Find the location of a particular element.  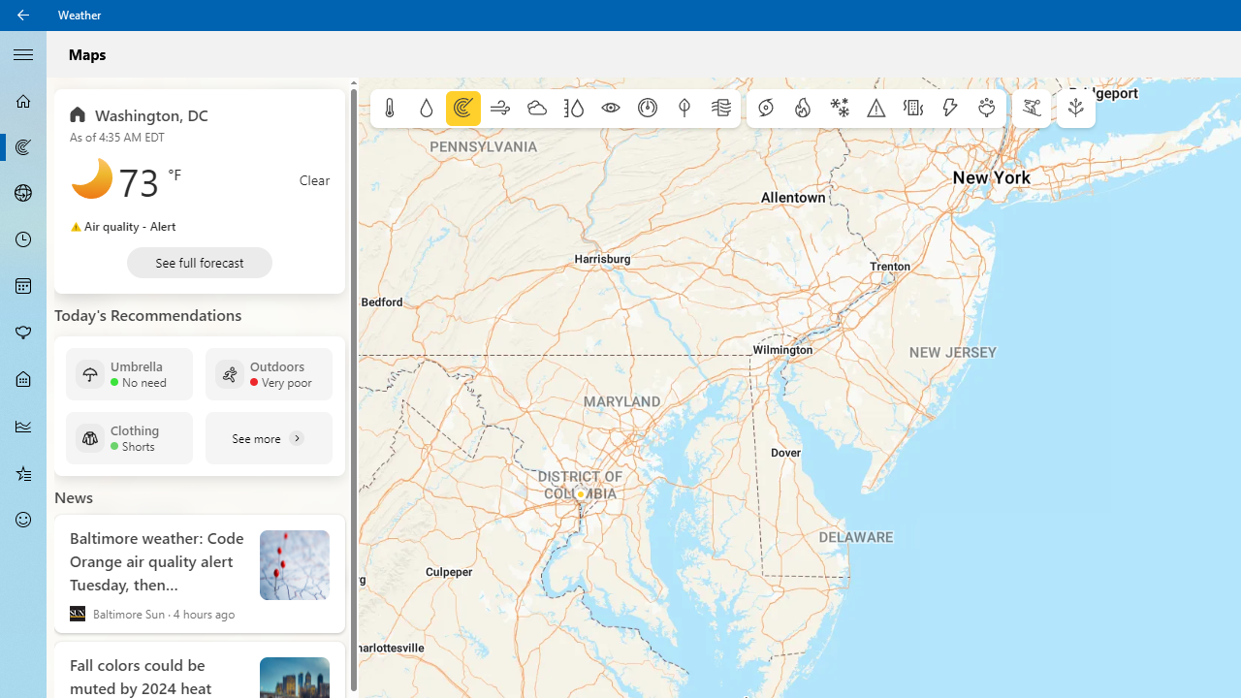

'Collapse Navigation' is located at coordinates (23, 52).